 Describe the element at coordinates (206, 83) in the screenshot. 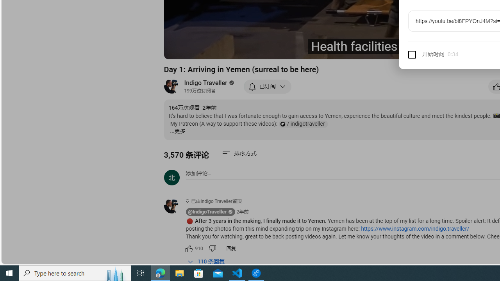

I see `'Indigo Traveller'` at that location.